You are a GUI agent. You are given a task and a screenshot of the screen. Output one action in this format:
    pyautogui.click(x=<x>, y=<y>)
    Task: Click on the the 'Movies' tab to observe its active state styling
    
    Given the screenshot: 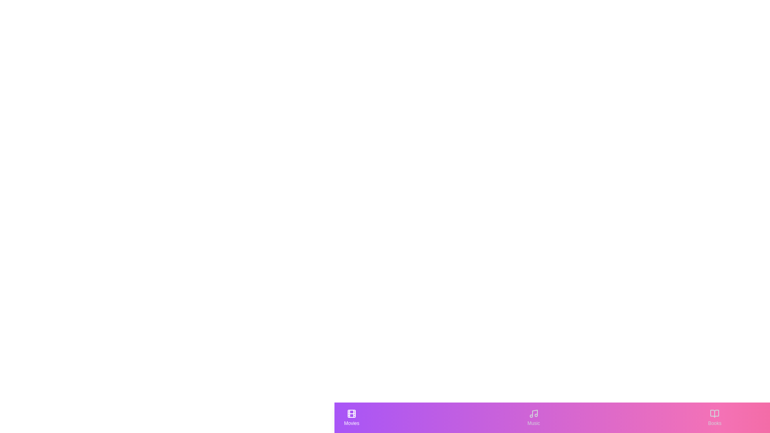 What is the action you would take?
    pyautogui.click(x=352, y=417)
    